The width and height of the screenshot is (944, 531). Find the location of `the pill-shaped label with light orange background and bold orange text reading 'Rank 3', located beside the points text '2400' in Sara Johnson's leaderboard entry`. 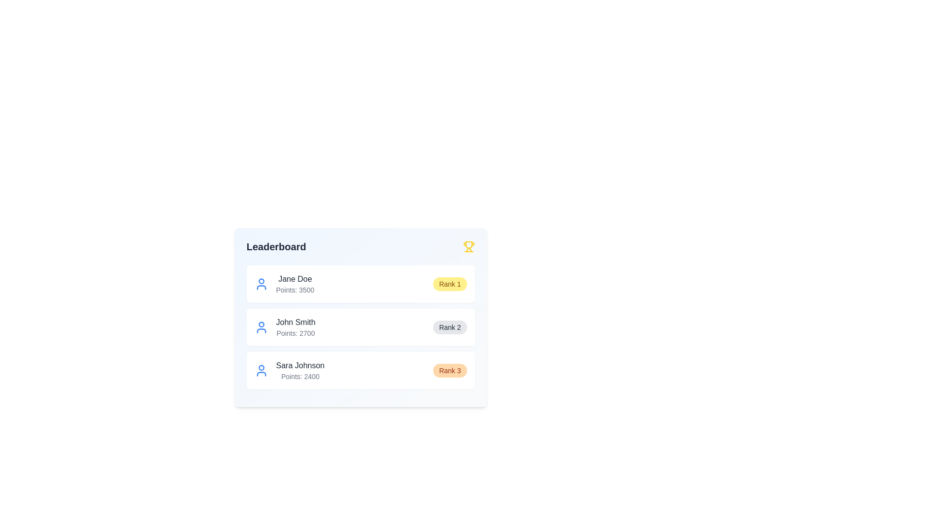

the pill-shaped label with light orange background and bold orange text reading 'Rank 3', located beside the points text '2400' in Sara Johnson's leaderboard entry is located at coordinates (449, 370).